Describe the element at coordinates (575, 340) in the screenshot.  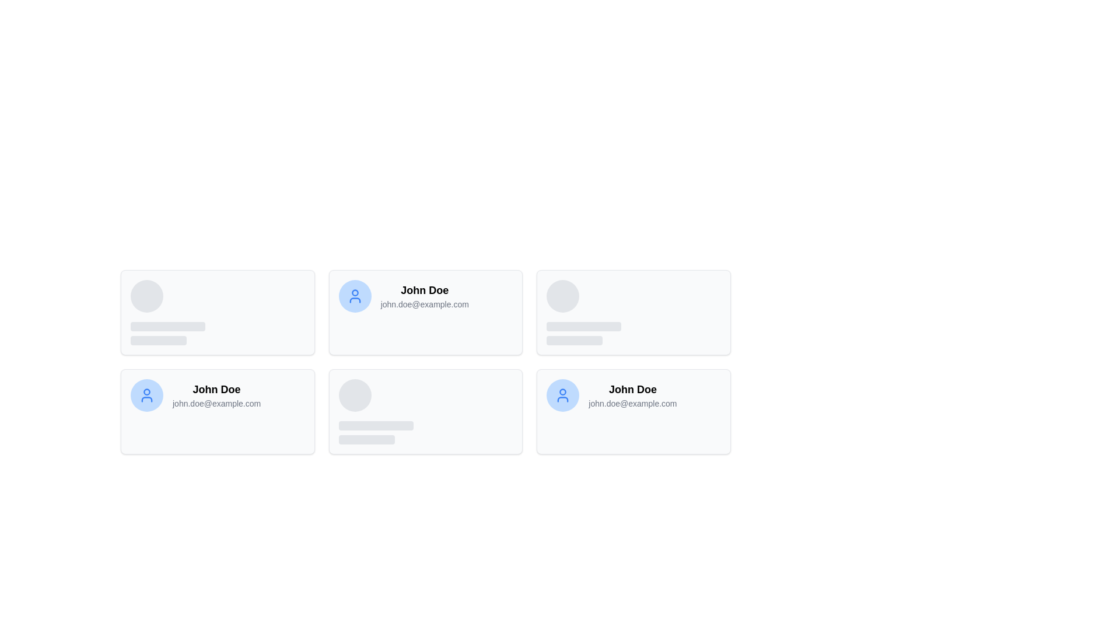
I see `the visual loading states of the Placeholder bar located within the card on the right side of the grid, which signifies content loading` at that location.